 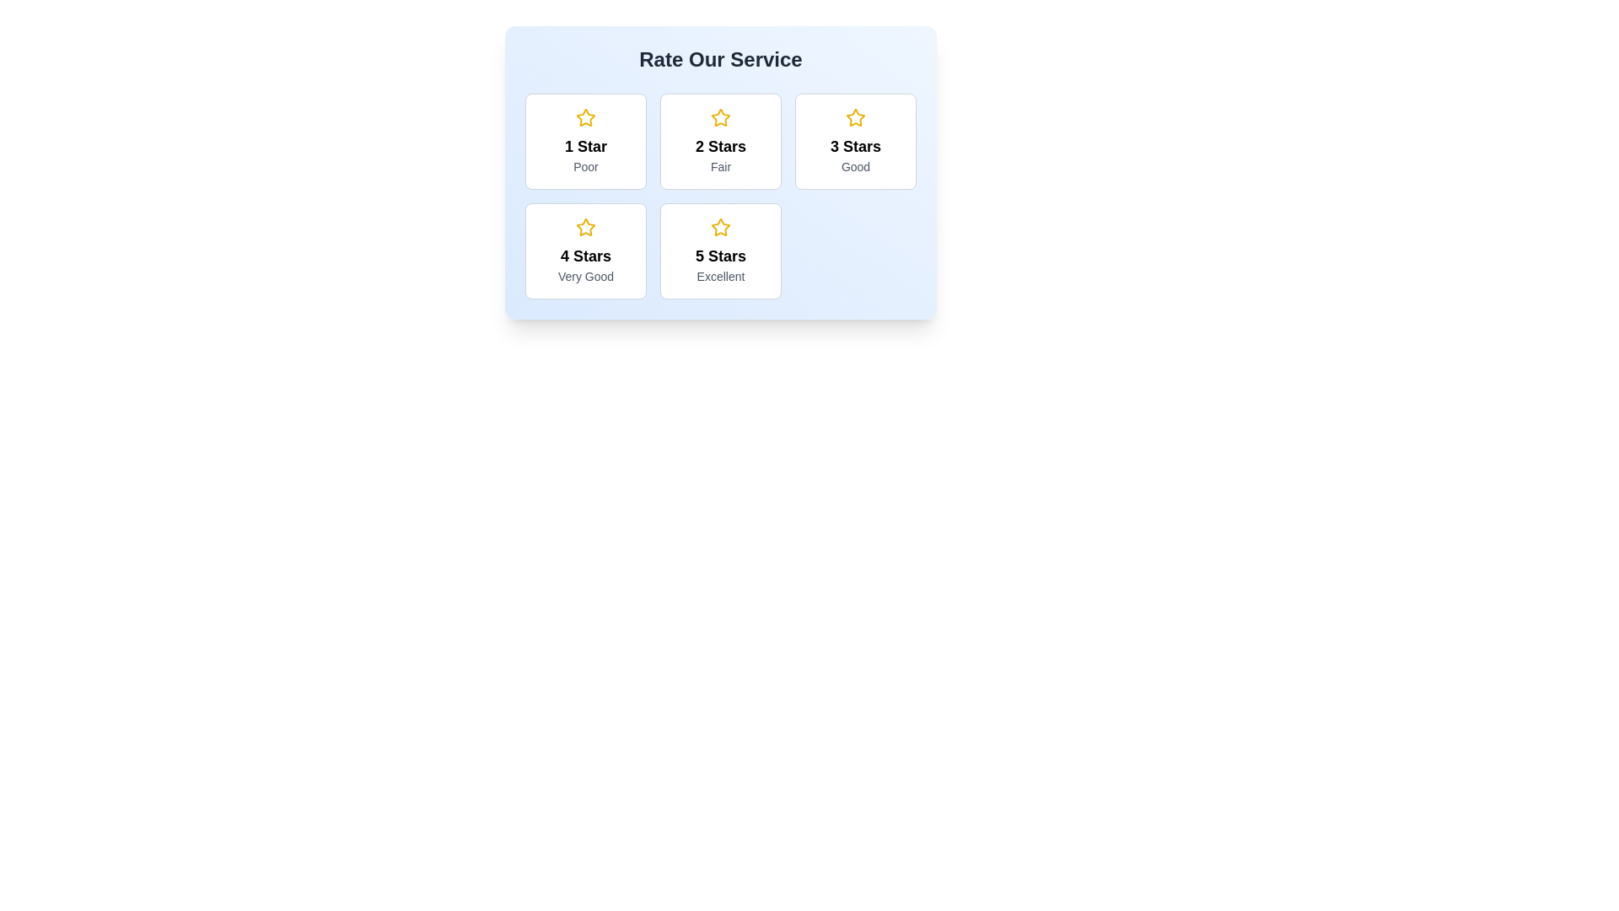 What do you see at coordinates (586, 116) in the screenshot?
I see `the '1 Star' rating icon, which is the star located at the top left of the rating grid in the 'Rate Our Service' section` at bounding box center [586, 116].